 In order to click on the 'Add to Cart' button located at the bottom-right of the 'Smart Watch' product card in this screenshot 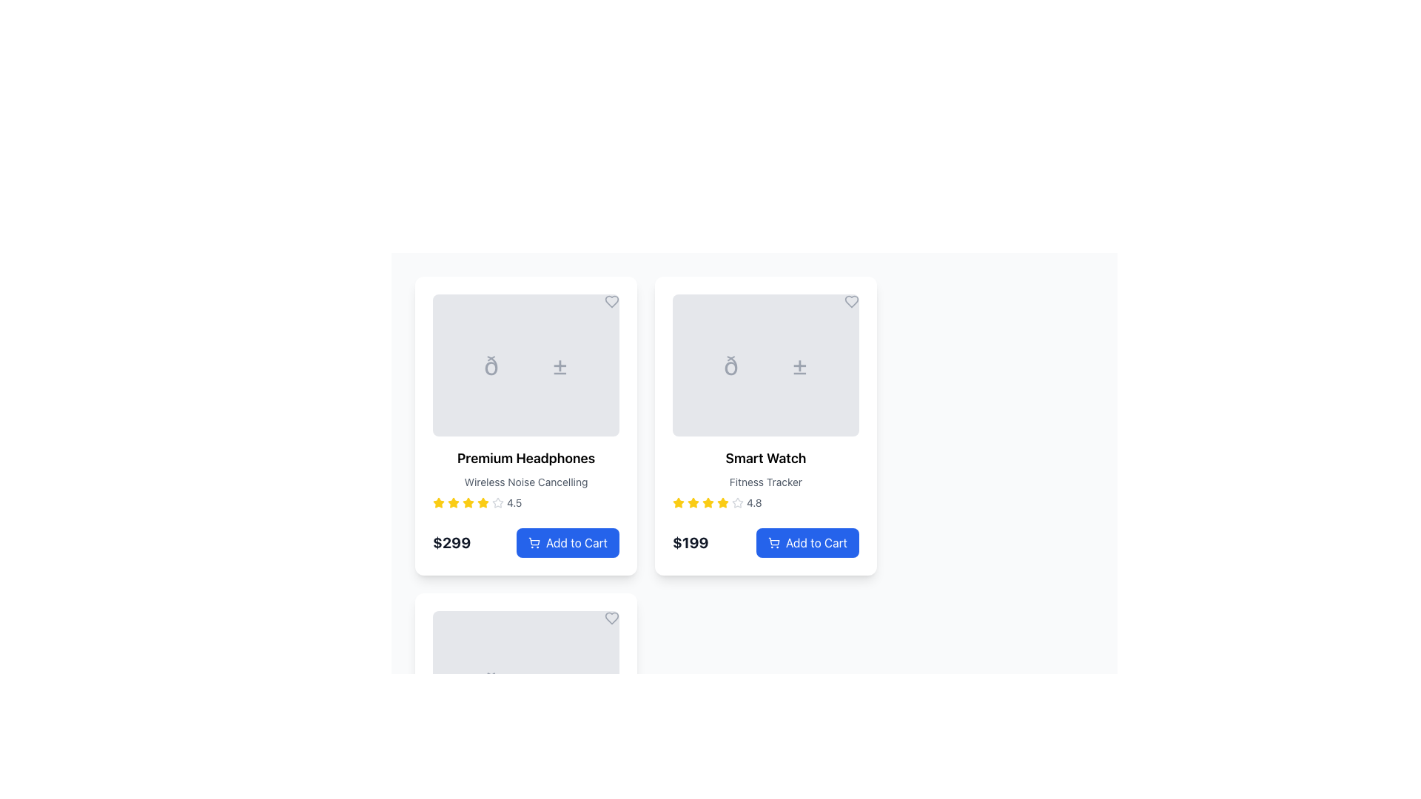, I will do `click(816, 542)`.